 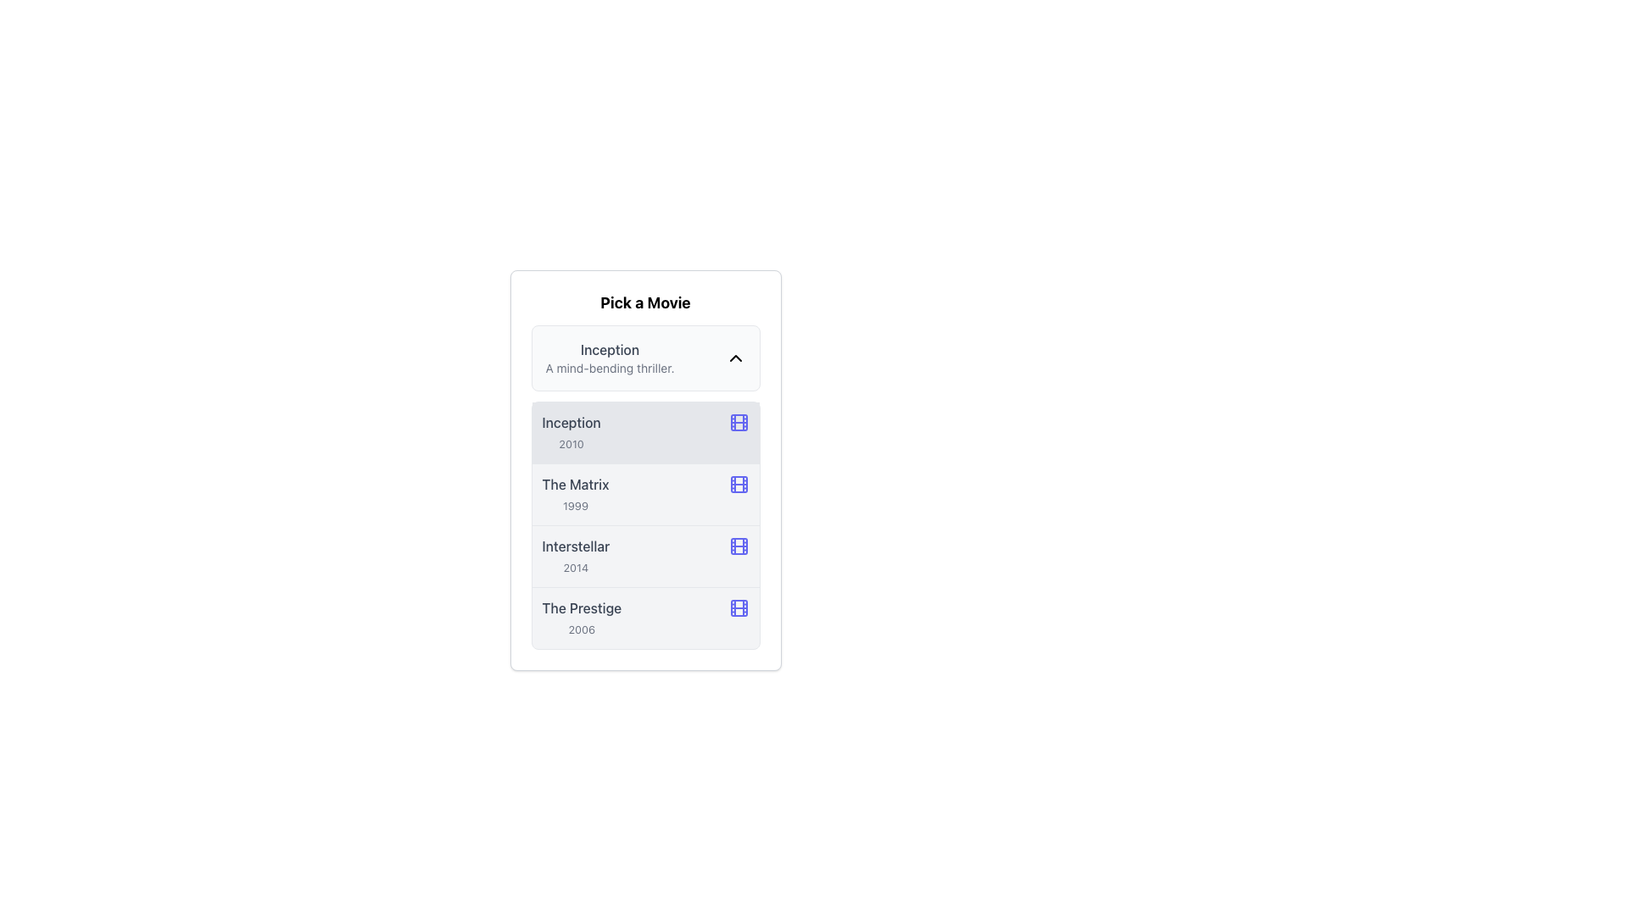 I want to click on the 'Inception' movie label, which is the first entry, so click(x=571, y=431).